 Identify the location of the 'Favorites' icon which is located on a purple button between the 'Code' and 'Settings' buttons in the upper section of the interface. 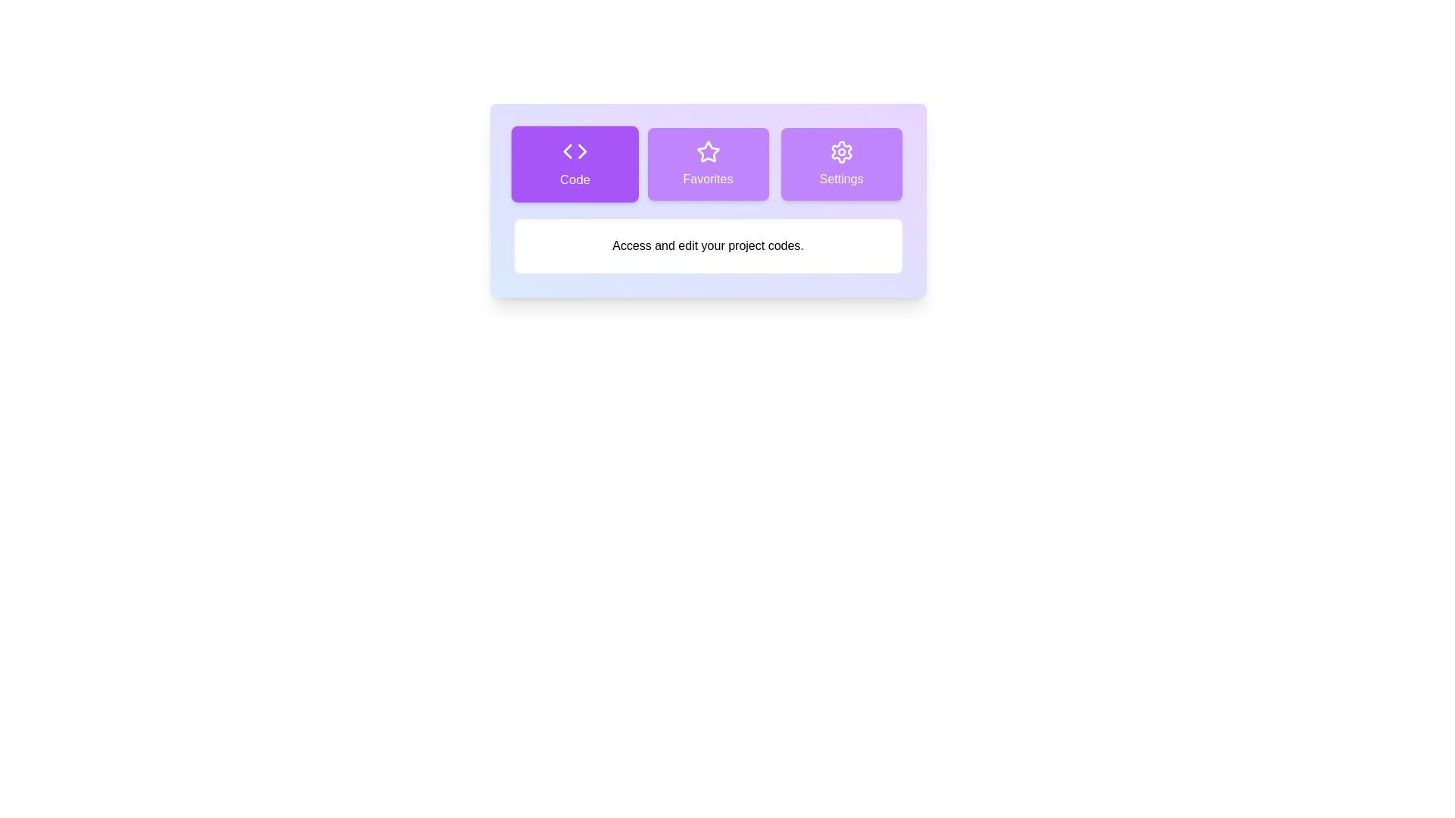
(707, 151).